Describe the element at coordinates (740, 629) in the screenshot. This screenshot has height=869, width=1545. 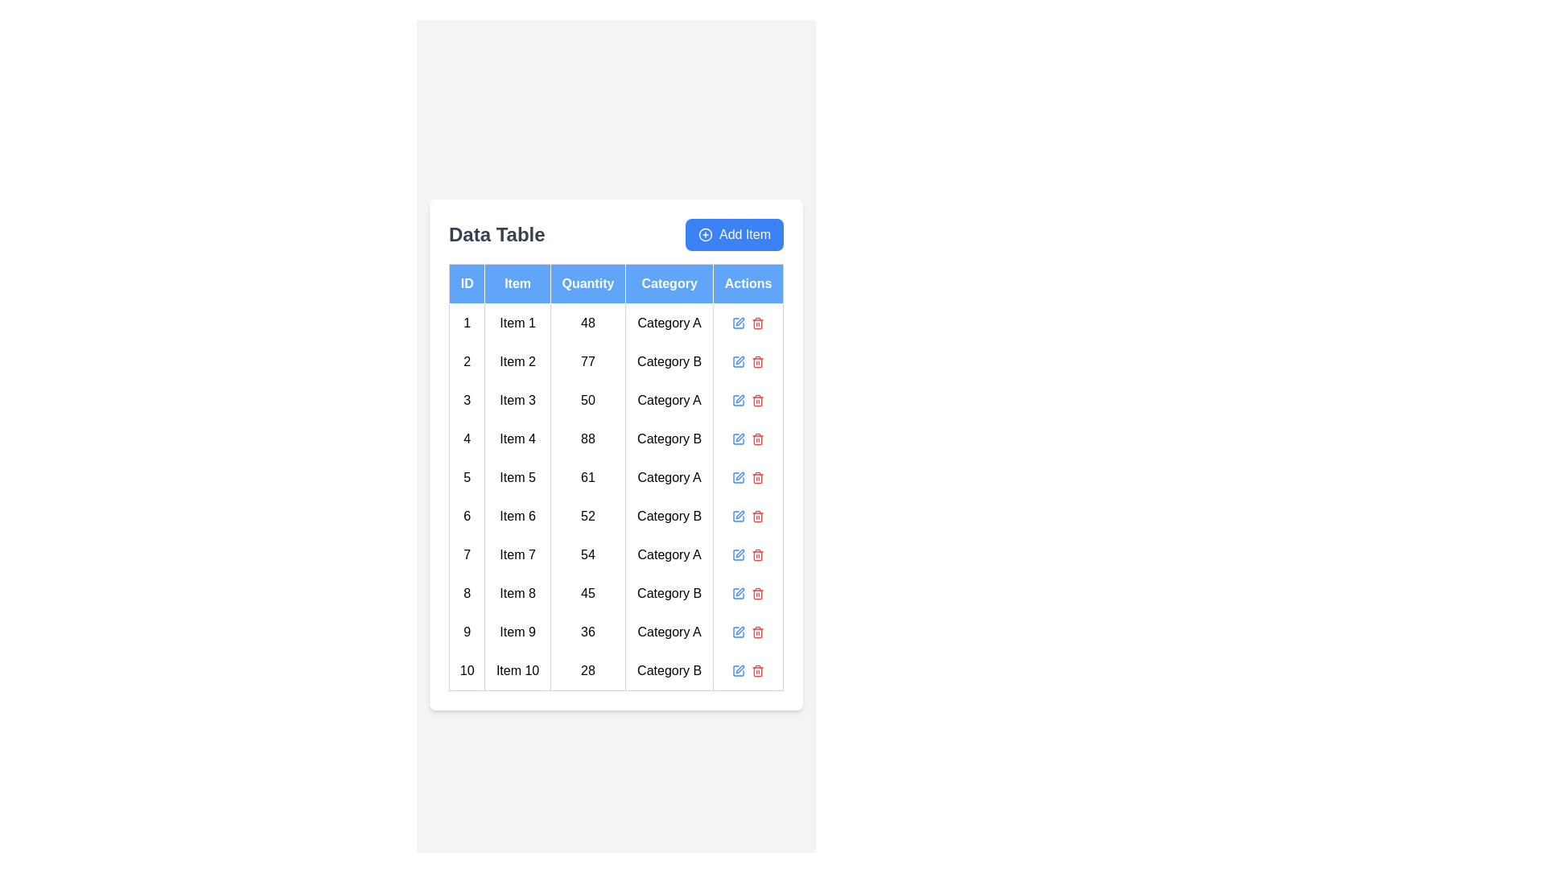
I see `the pen icon in the 'Actions' column of the data table` at that location.